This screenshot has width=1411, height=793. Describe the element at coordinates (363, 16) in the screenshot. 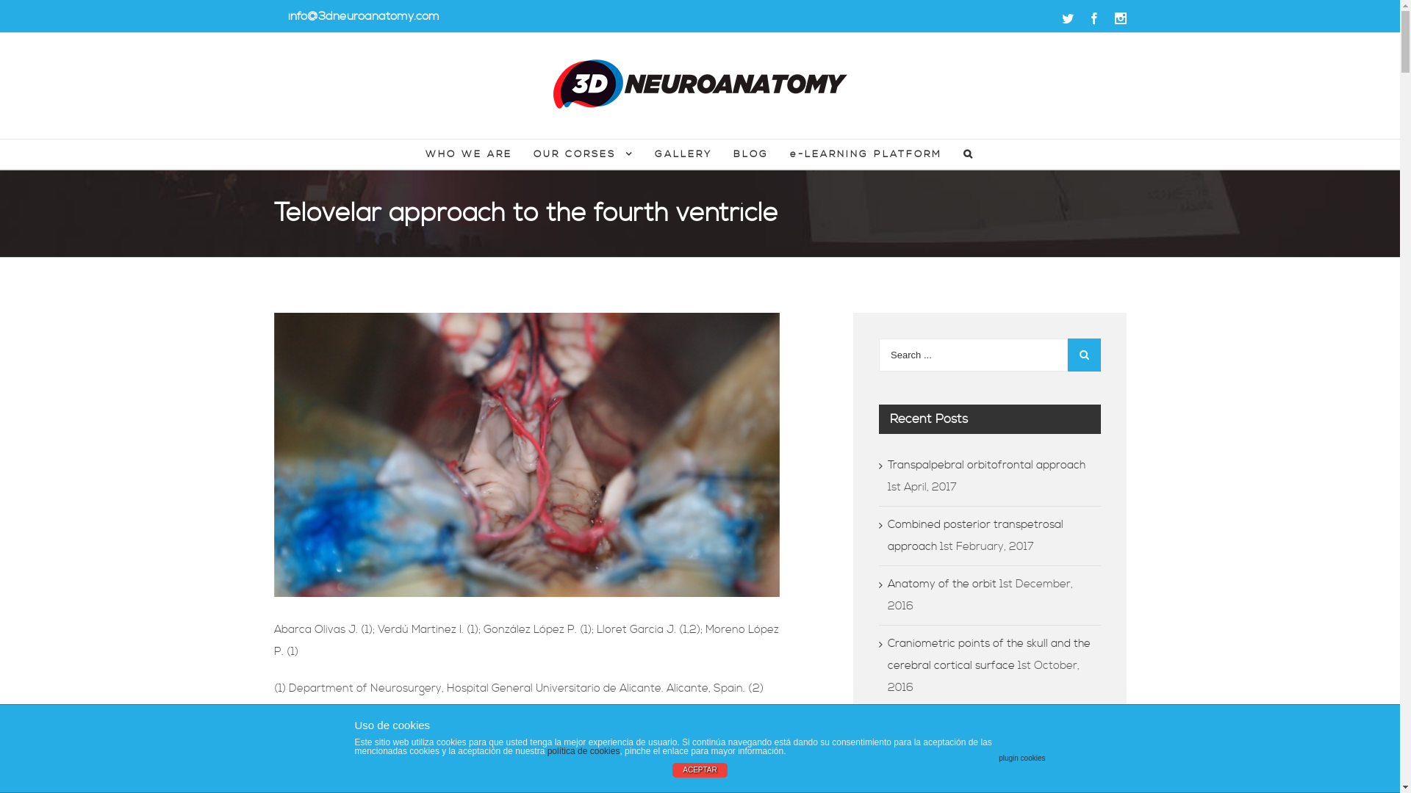

I see `'info@3dneuroanatomy.com'` at that location.